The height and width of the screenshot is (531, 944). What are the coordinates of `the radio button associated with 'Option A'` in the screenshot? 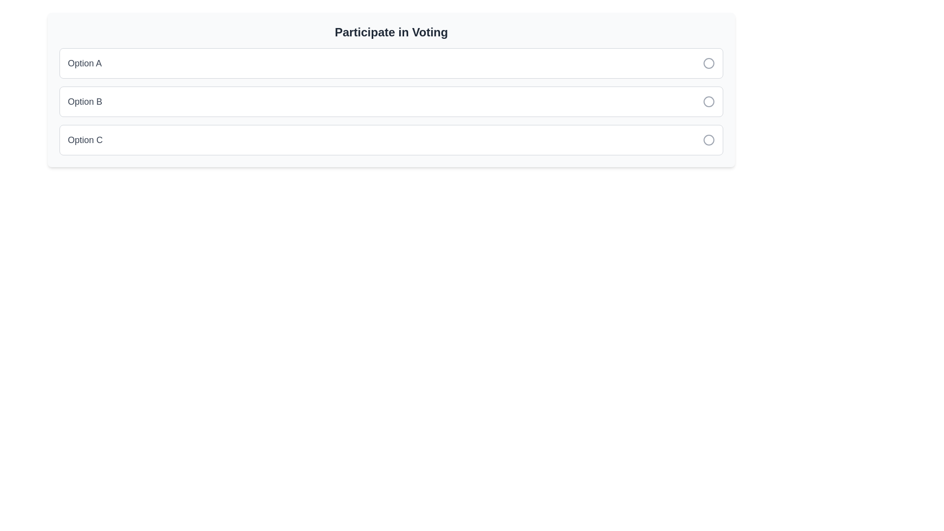 It's located at (708, 63).